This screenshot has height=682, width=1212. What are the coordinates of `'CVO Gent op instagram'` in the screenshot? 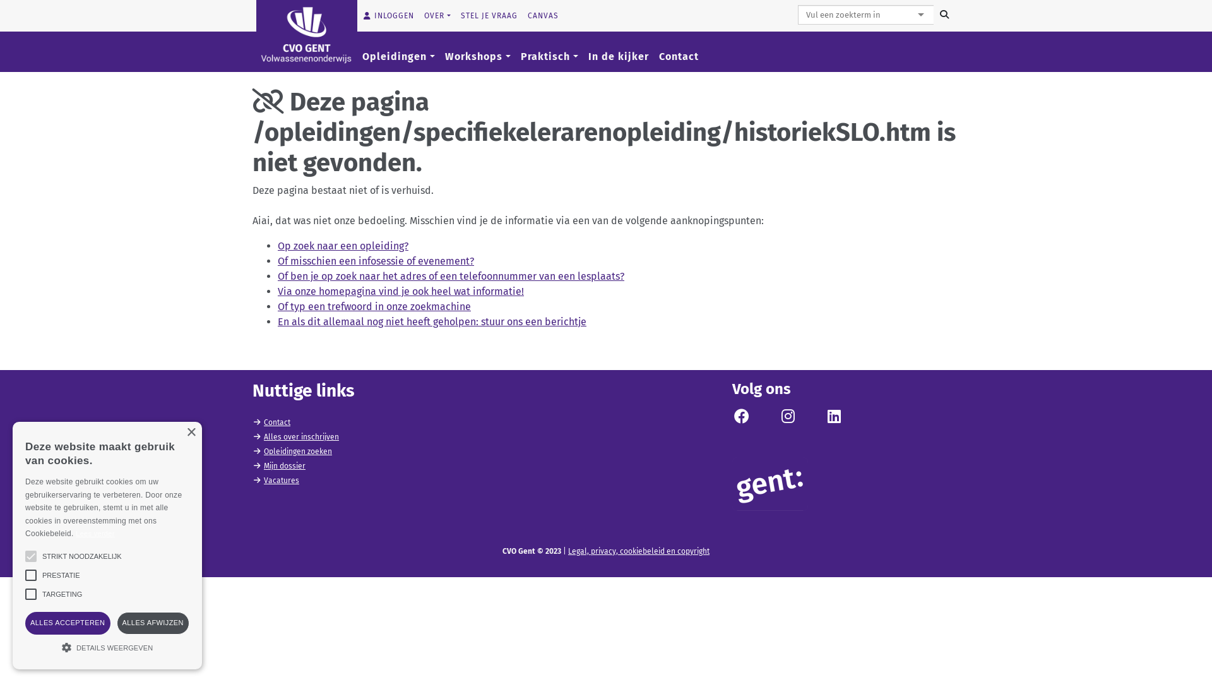 It's located at (787, 419).